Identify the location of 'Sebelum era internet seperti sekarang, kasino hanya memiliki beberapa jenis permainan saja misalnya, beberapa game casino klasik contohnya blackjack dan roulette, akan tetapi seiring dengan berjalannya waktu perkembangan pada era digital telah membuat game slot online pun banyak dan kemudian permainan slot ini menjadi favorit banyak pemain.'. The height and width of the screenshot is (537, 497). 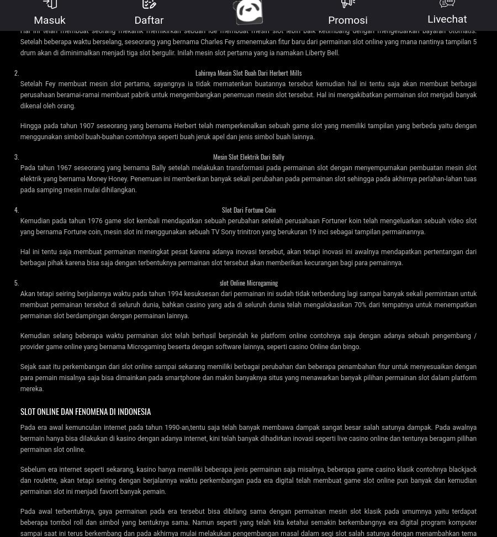
(19, 480).